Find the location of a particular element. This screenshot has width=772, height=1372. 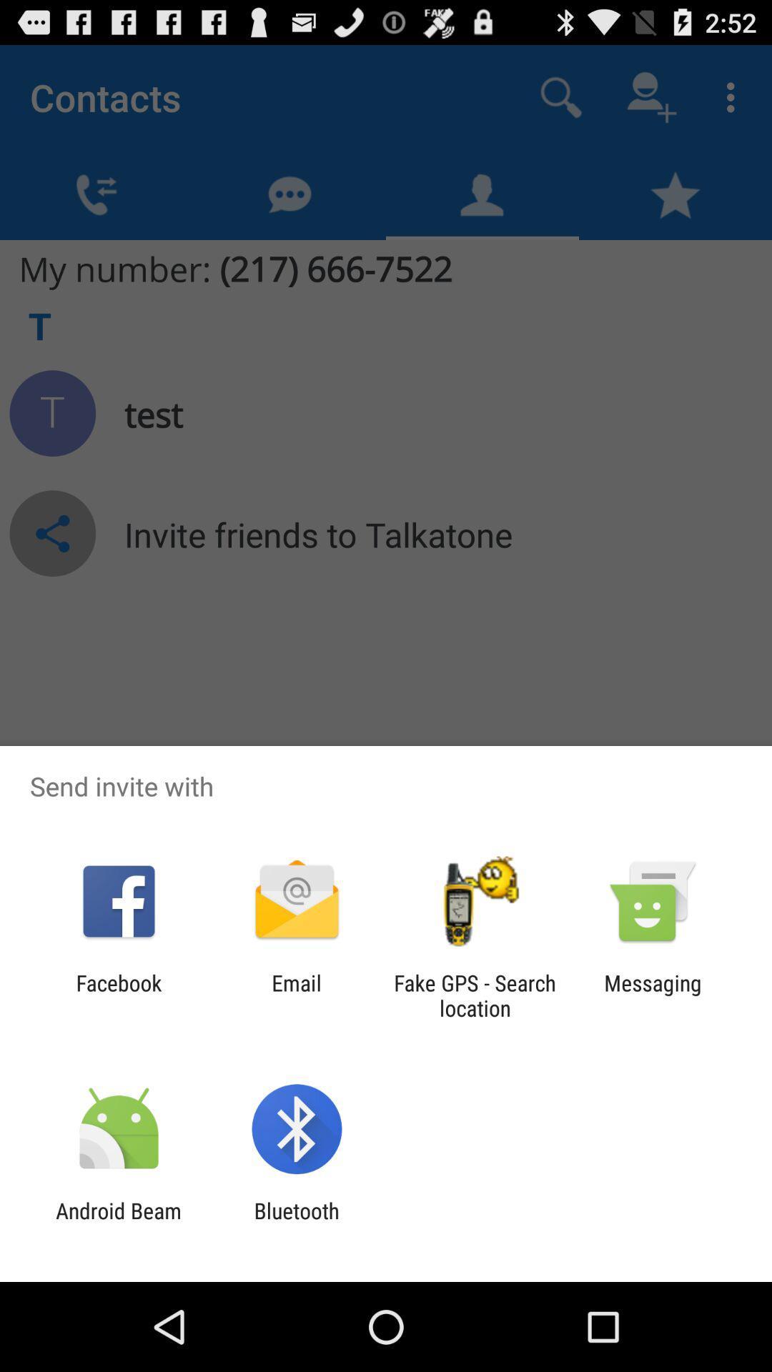

the messaging is located at coordinates (653, 995).